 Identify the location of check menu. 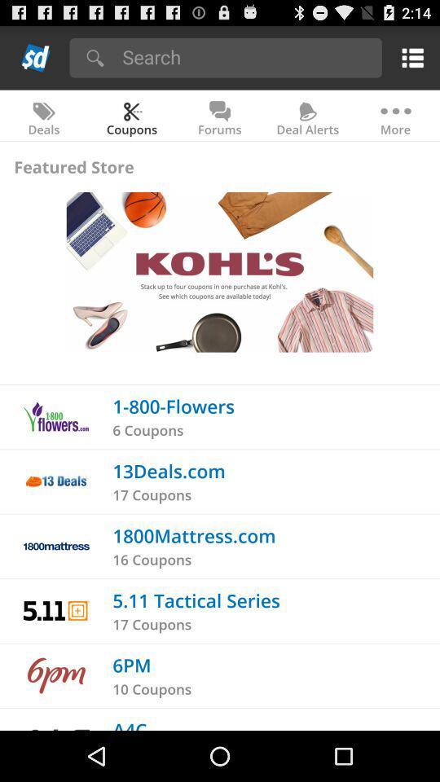
(409, 57).